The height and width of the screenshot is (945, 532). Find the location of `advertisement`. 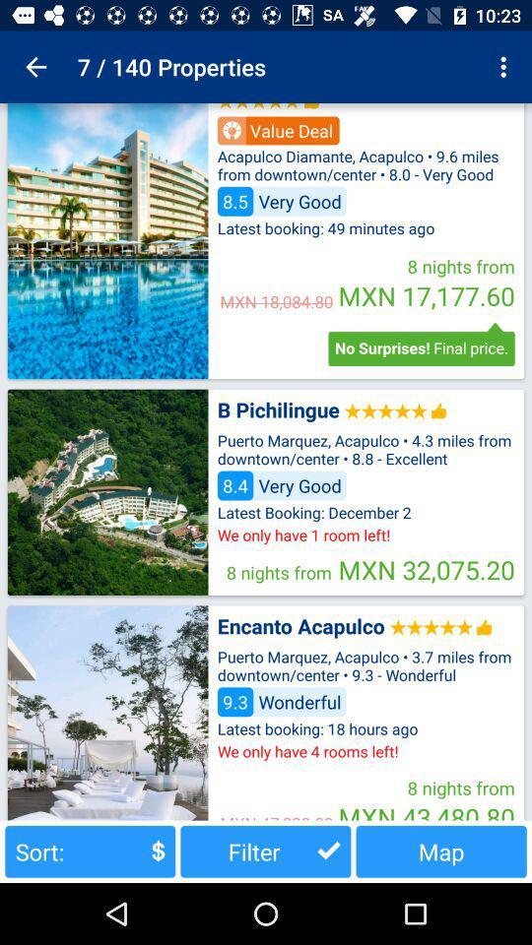

advertisement is located at coordinates (107, 240).